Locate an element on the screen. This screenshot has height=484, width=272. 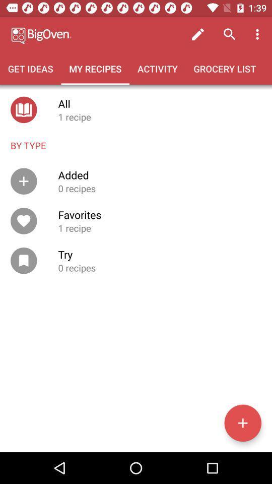
the item at the bottom right corner is located at coordinates (242, 423).